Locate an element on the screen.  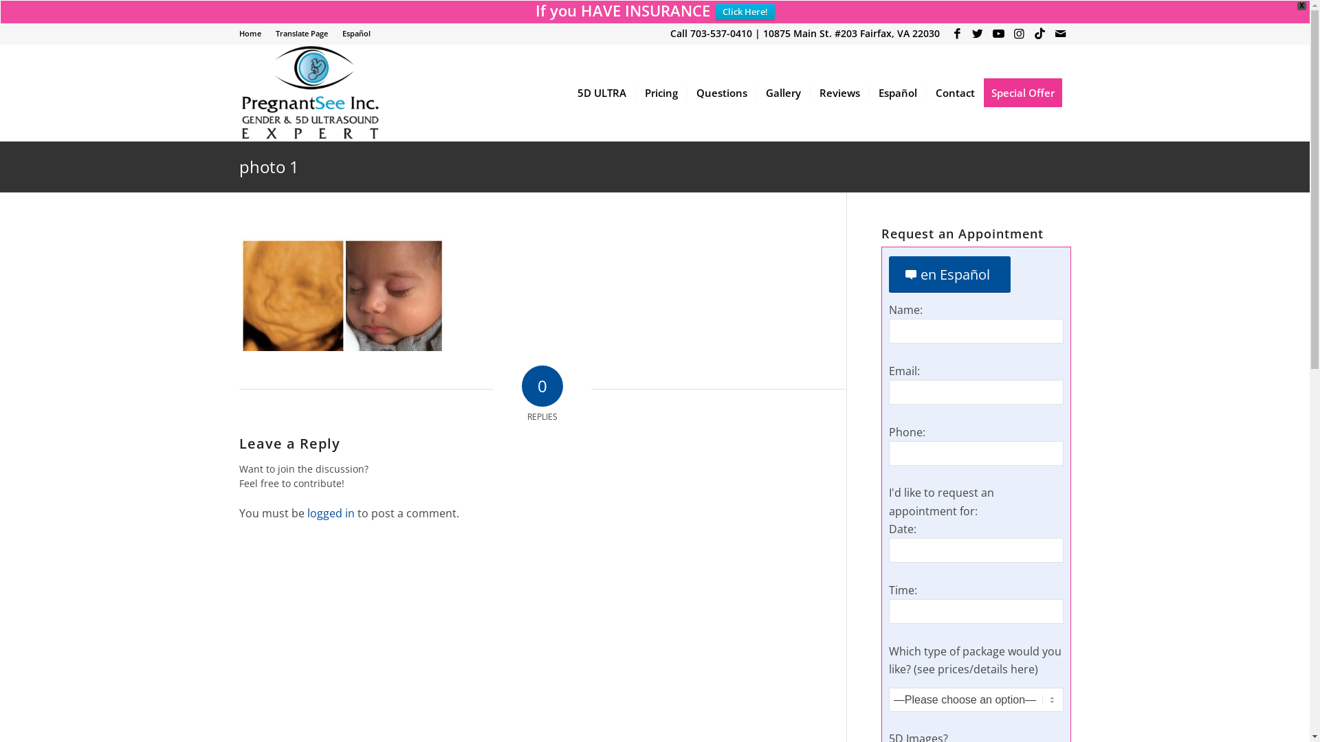
'Special Offer' is located at coordinates (1026, 93).